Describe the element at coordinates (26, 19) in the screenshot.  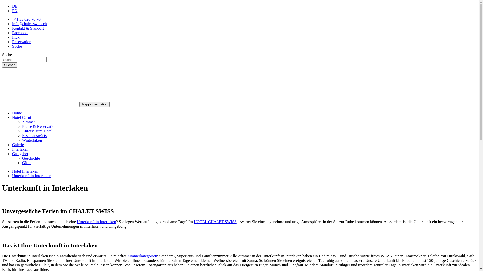
I see `'+41 33 826 78 78'` at that location.